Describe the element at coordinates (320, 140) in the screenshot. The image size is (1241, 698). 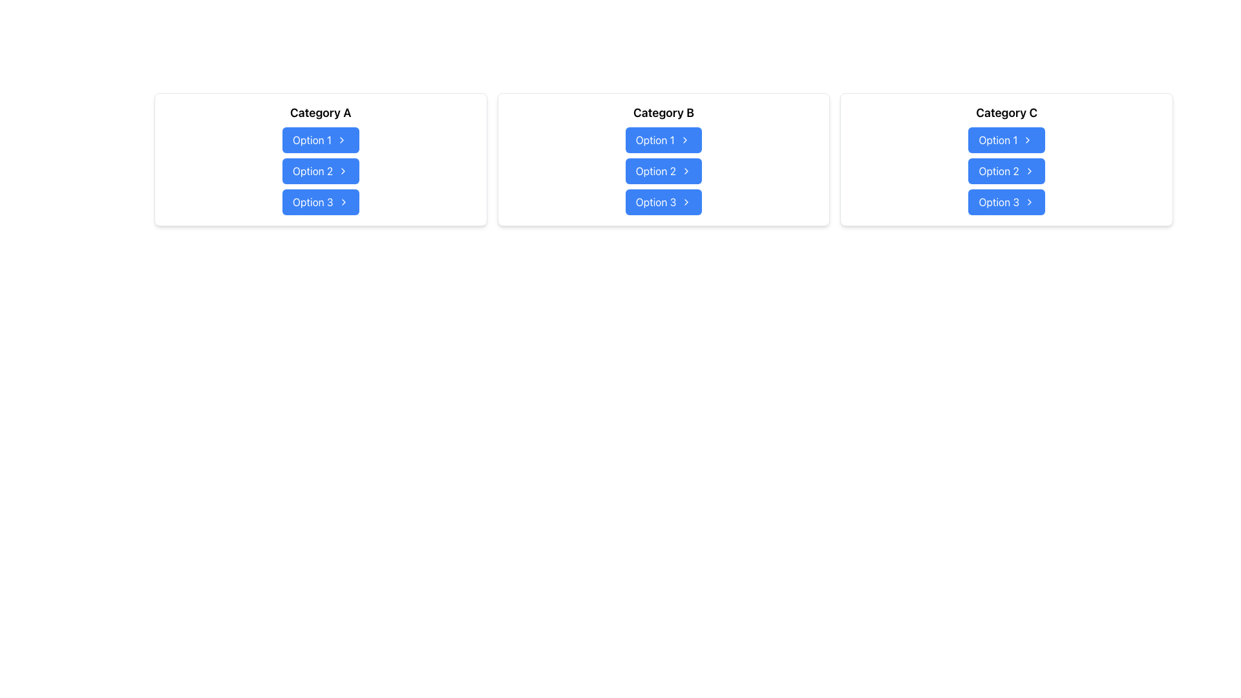
I see `the first button under 'Category A' which serves as a navigation link for the first option` at that location.